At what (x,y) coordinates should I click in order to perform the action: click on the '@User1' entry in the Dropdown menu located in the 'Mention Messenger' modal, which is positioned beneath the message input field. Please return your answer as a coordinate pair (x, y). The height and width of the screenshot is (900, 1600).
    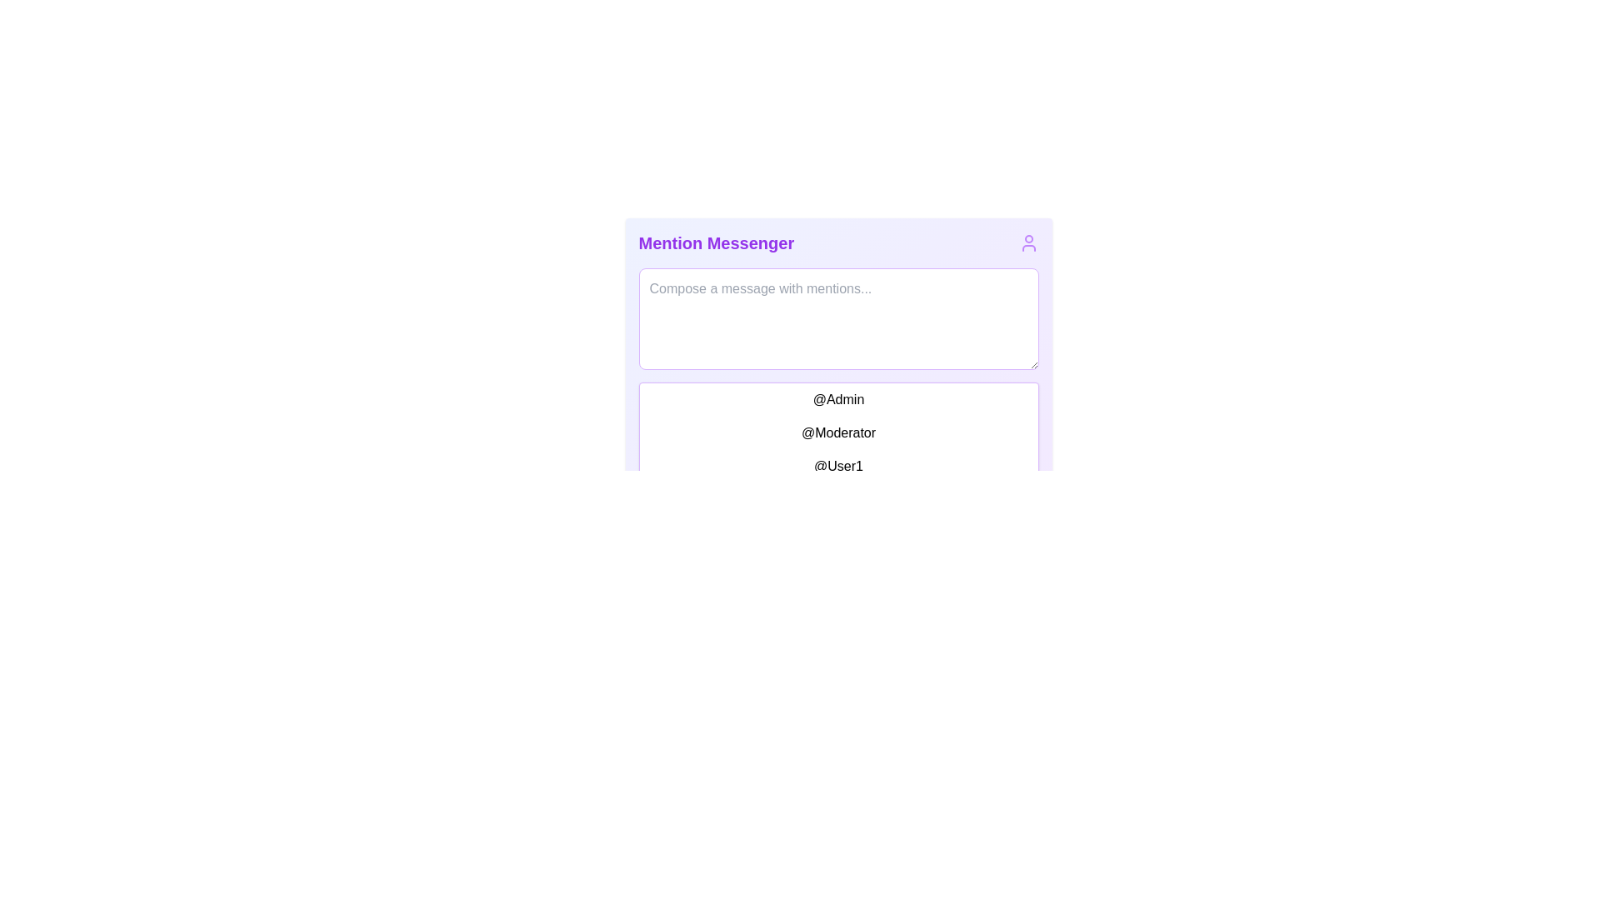
    Looking at the image, I should click on (838, 450).